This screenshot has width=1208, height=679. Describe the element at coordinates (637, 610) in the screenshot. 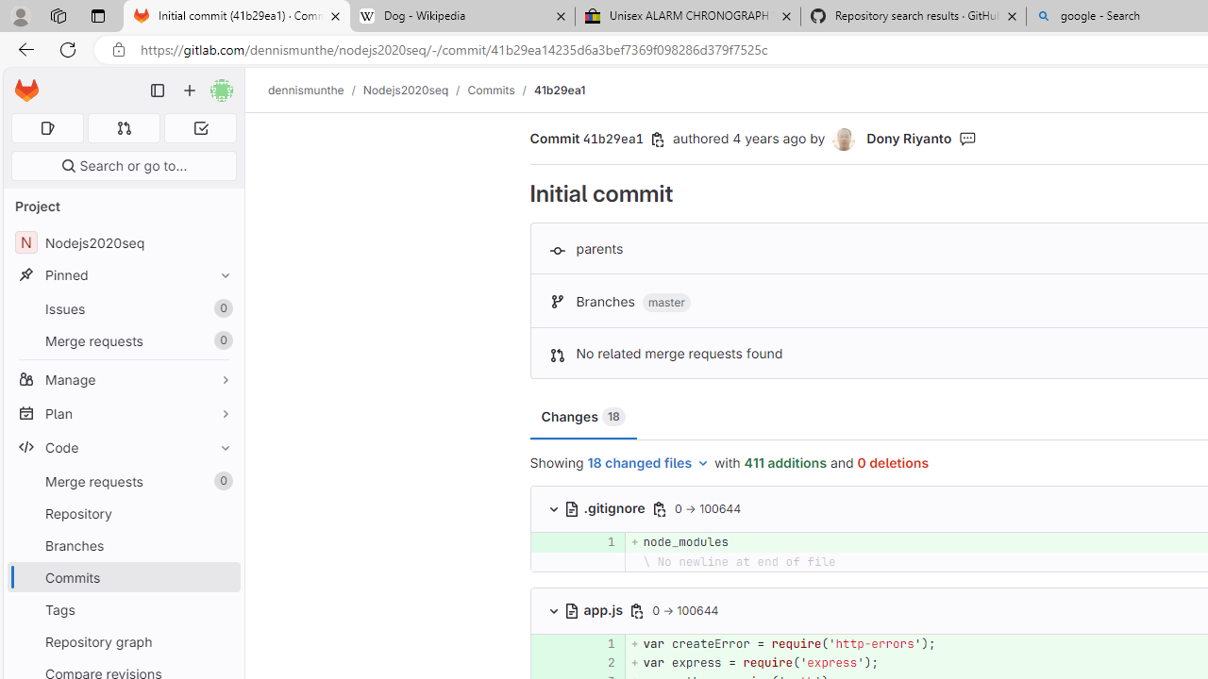

I see `'Class: s16 gl-icon gl-button-icon '` at that location.